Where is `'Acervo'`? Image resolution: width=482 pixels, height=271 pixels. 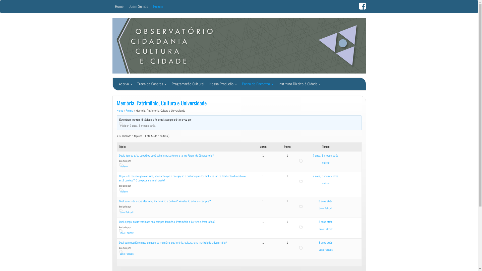 'Acervo' is located at coordinates (116, 84).